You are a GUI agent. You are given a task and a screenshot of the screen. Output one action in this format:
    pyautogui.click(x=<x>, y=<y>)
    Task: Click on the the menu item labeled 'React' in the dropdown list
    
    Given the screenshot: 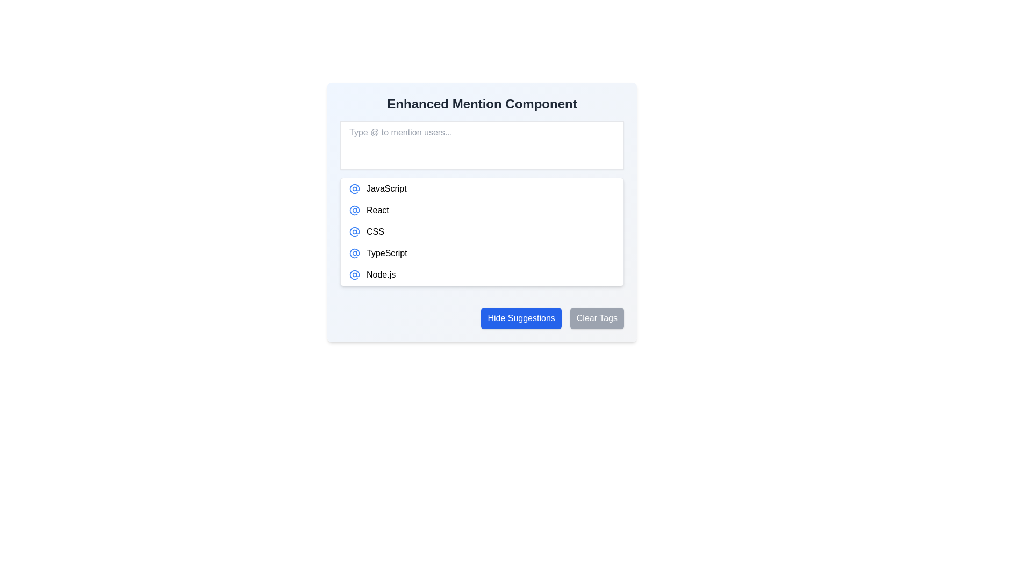 What is the action you would take?
    pyautogui.click(x=482, y=211)
    